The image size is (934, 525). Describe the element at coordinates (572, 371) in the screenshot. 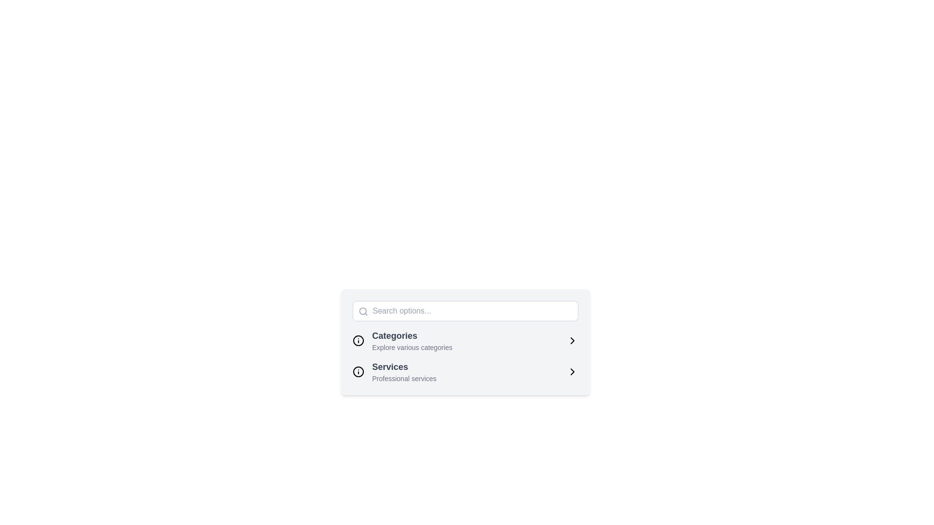

I see `the small right-facing chevron arrow icon located inside the menu panel below the 'Services' label, which is styled with a black outline and no fill` at that location.